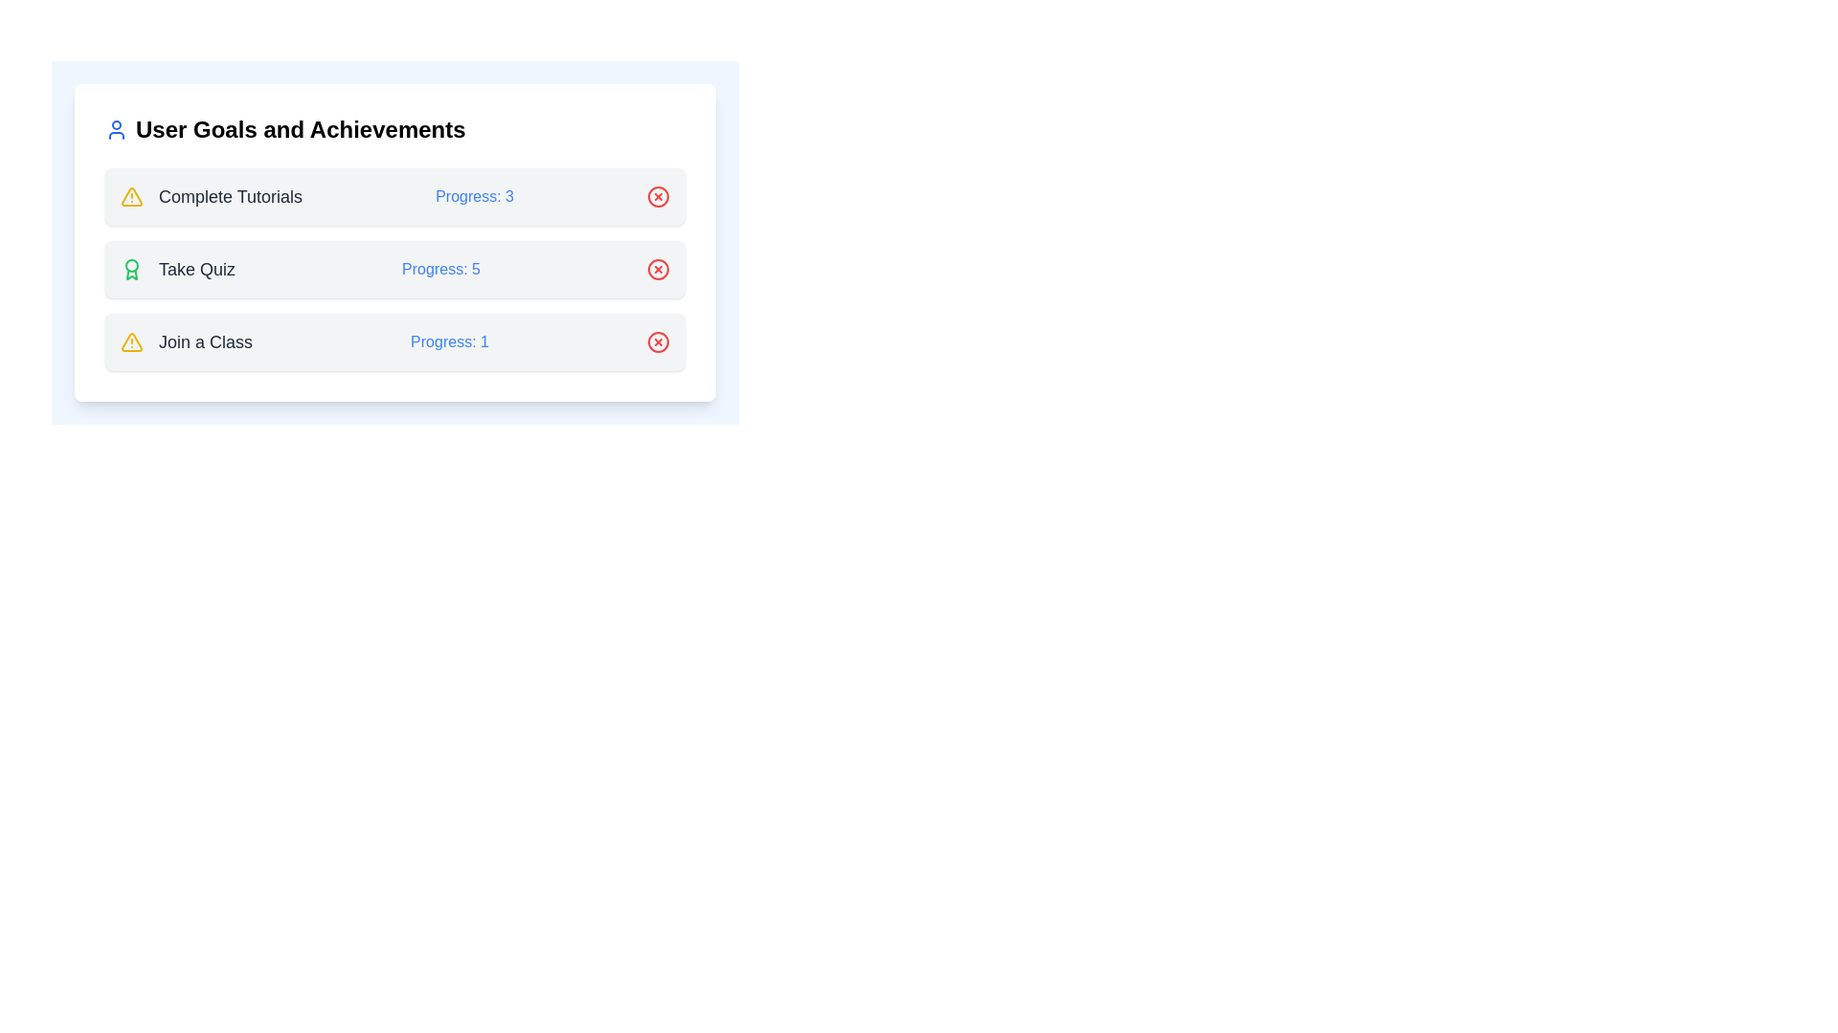 The height and width of the screenshot is (1033, 1838). What do you see at coordinates (658, 196) in the screenshot?
I see `the delete or close button located at the far-right end of the line that includes 'Complete Tutorials' and 'Progress: 3'` at bounding box center [658, 196].